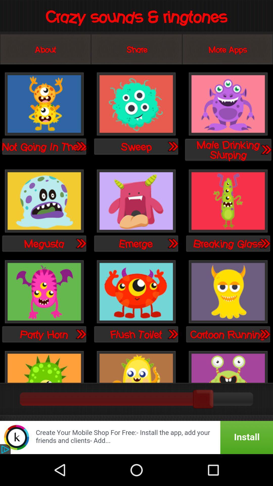 Image resolution: width=273 pixels, height=486 pixels. Describe the element at coordinates (228, 201) in the screenshot. I see `ringtone selection` at that location.